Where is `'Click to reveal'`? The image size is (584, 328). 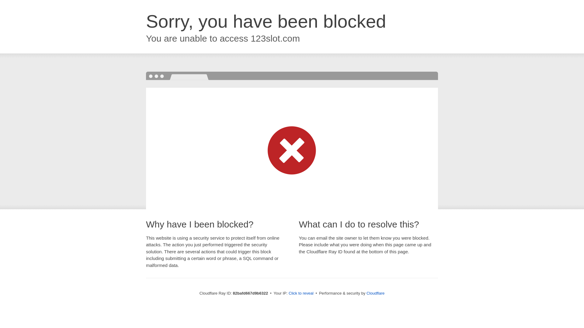
'Click to reveal' is located at coordinates (301, 293).